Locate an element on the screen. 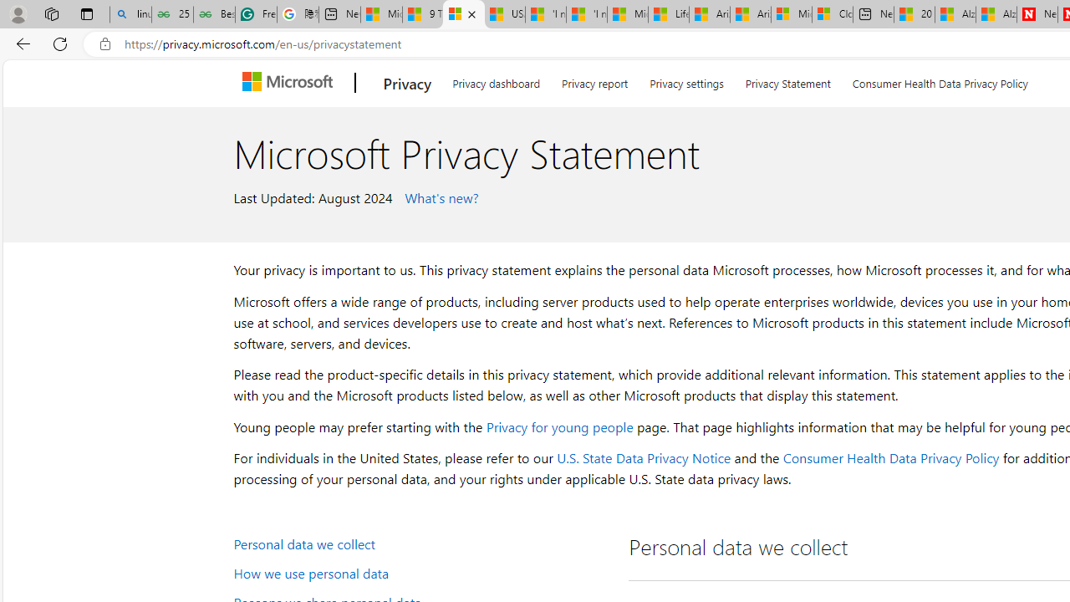  'Lifestyle - MSN' is located at coordinates (669, 14).